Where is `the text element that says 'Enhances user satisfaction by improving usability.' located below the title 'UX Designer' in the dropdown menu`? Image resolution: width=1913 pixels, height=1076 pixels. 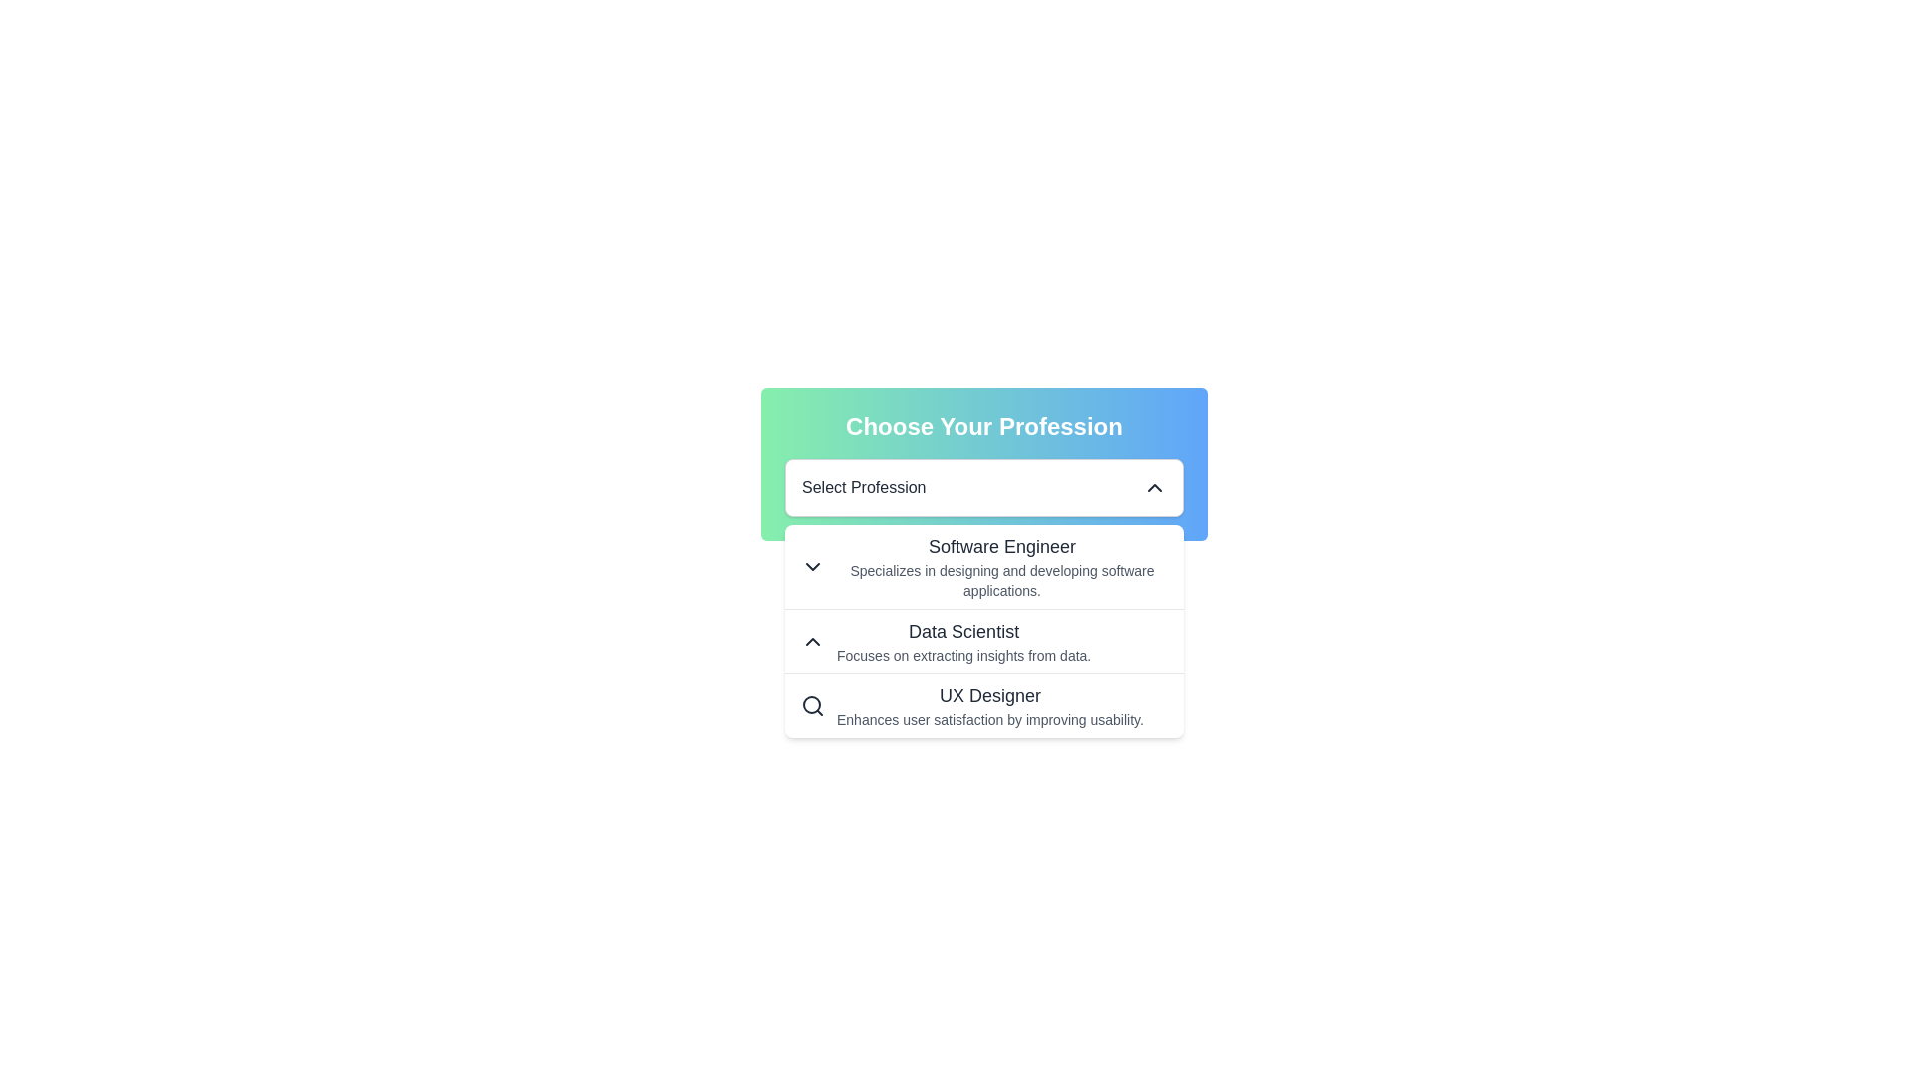
the text element that says 'Enhances user satisfaction by improving usability.' located below the title 'UX Designer' in the dropdown menu is located at coordinates (989, 719).